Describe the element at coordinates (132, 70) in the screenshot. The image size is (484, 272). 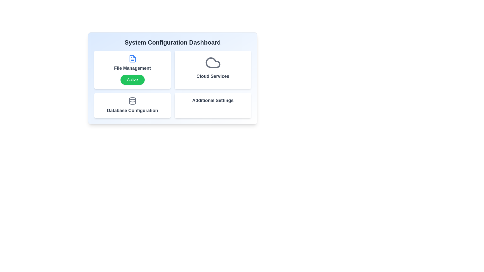
I see `the 'Active' labeled Card Component in the top-left segment of the grid layout, which is positioned left of the 'Cloud Services' card and above the 'Database Configuration' card` at that location.